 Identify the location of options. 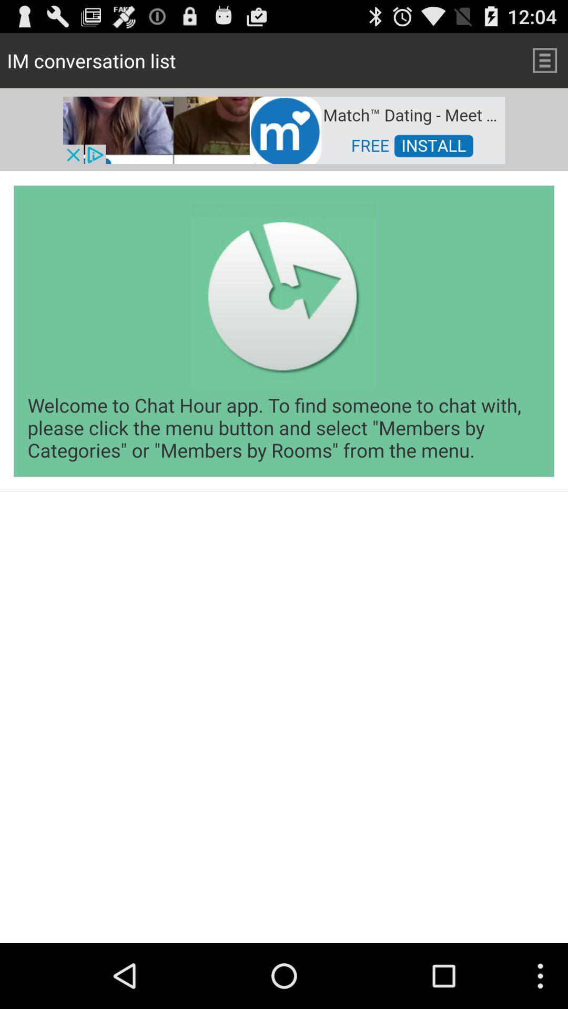
(544, 60).